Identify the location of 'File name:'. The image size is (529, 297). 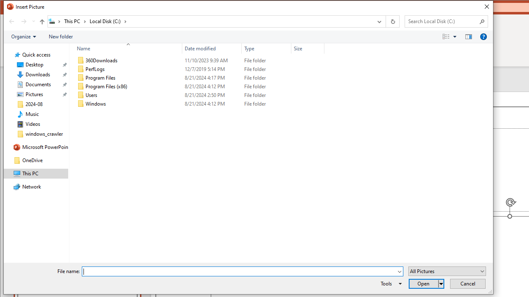
(242, 271).